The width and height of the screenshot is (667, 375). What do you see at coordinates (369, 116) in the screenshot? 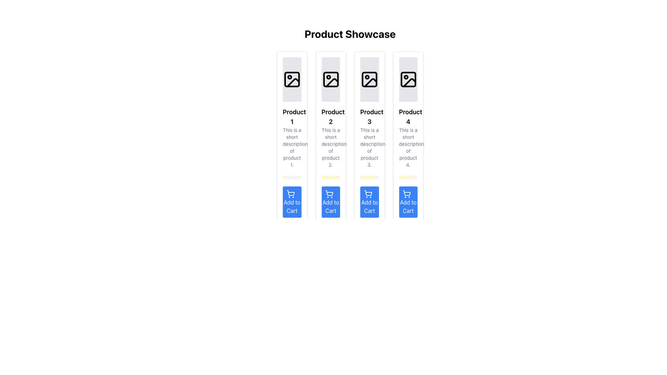
I see `the product title label in the third card of the horizontal product list` at bounding box center [369, 116].